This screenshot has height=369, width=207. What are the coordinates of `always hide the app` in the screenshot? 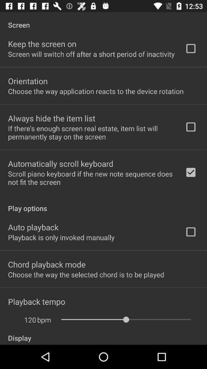 It's located at (51, 118).